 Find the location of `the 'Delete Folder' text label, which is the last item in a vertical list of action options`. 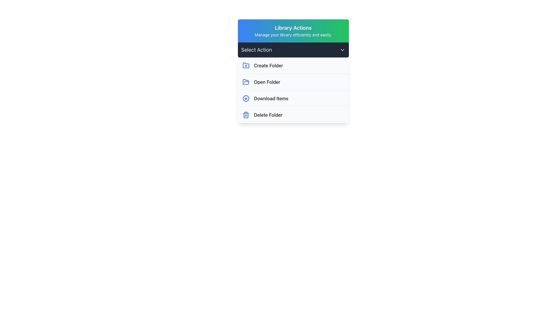

the 'Delete Folder' text label, which is the last item in a vertical list of action options is located at coordinates (268, 115).